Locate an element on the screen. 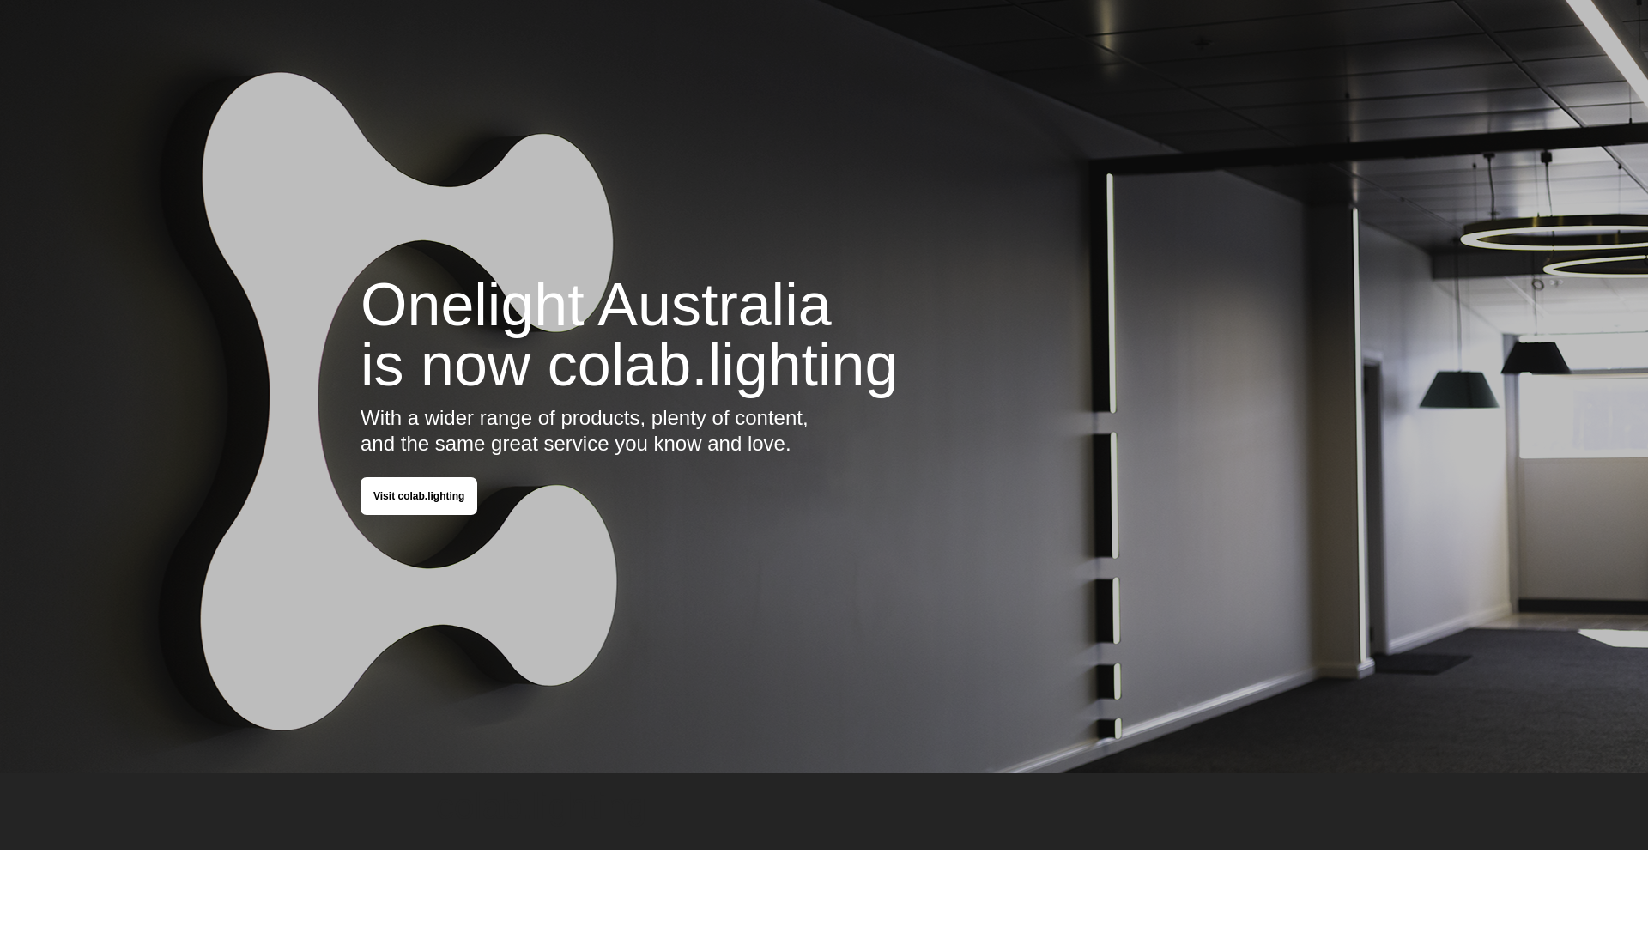  'Visit colab.lighting' is located at coordinates (419, 496).